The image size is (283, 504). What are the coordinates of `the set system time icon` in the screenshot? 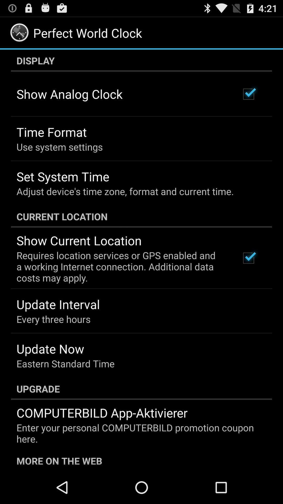 It's located at (62, 176).